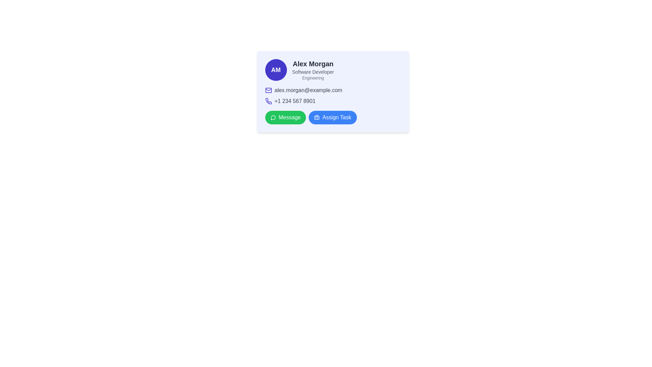  What do you see at coordinates (312, 70) in the screenshot?
I see `text displayed for the user's name, role, and associated department, located to the right of the circular profile icon labeled 'AM'` at bounding box center [312, 70].